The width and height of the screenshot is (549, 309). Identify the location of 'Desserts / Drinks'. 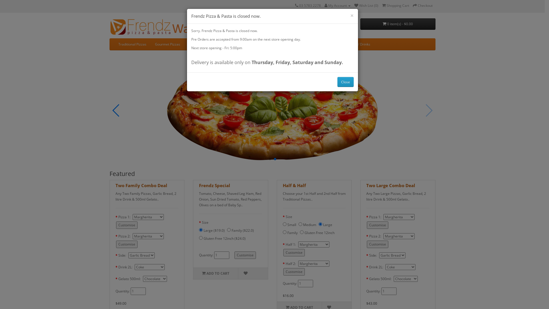
(339, 44).